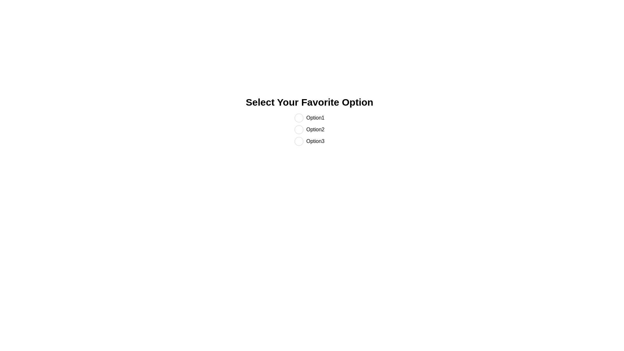  Describe the element at coordinates (309, 131) in the screenshot. I see `the 'Option2' radio button which is the second in a group of vertically aligned radio options below the title 'Select Your Favorite Option'` at that location.